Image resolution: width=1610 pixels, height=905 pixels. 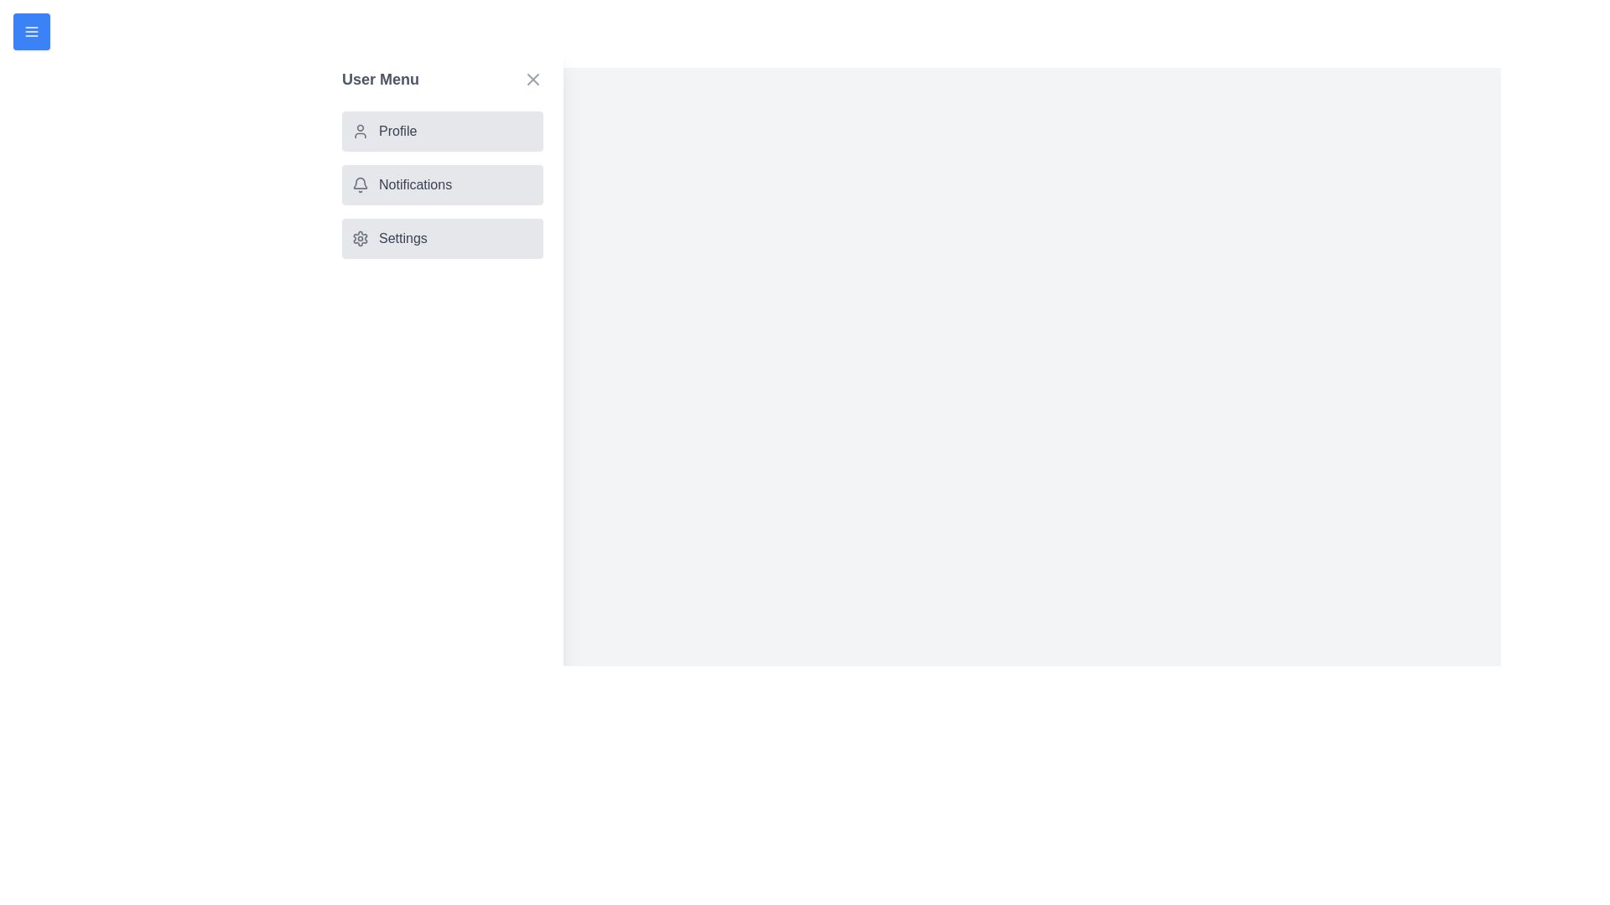 I want to click on the menu item Notifications from the drawer, so click(x=443, y=184).